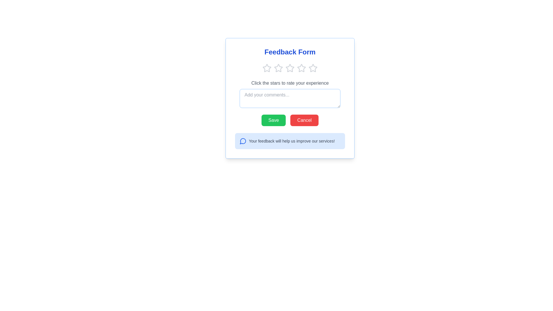 This screenshot has width=553, height=311. I want to click on the fifth star rating button, which is a light gray star icon in a row of five stars at the top center of the form interface, so click(313, 68).